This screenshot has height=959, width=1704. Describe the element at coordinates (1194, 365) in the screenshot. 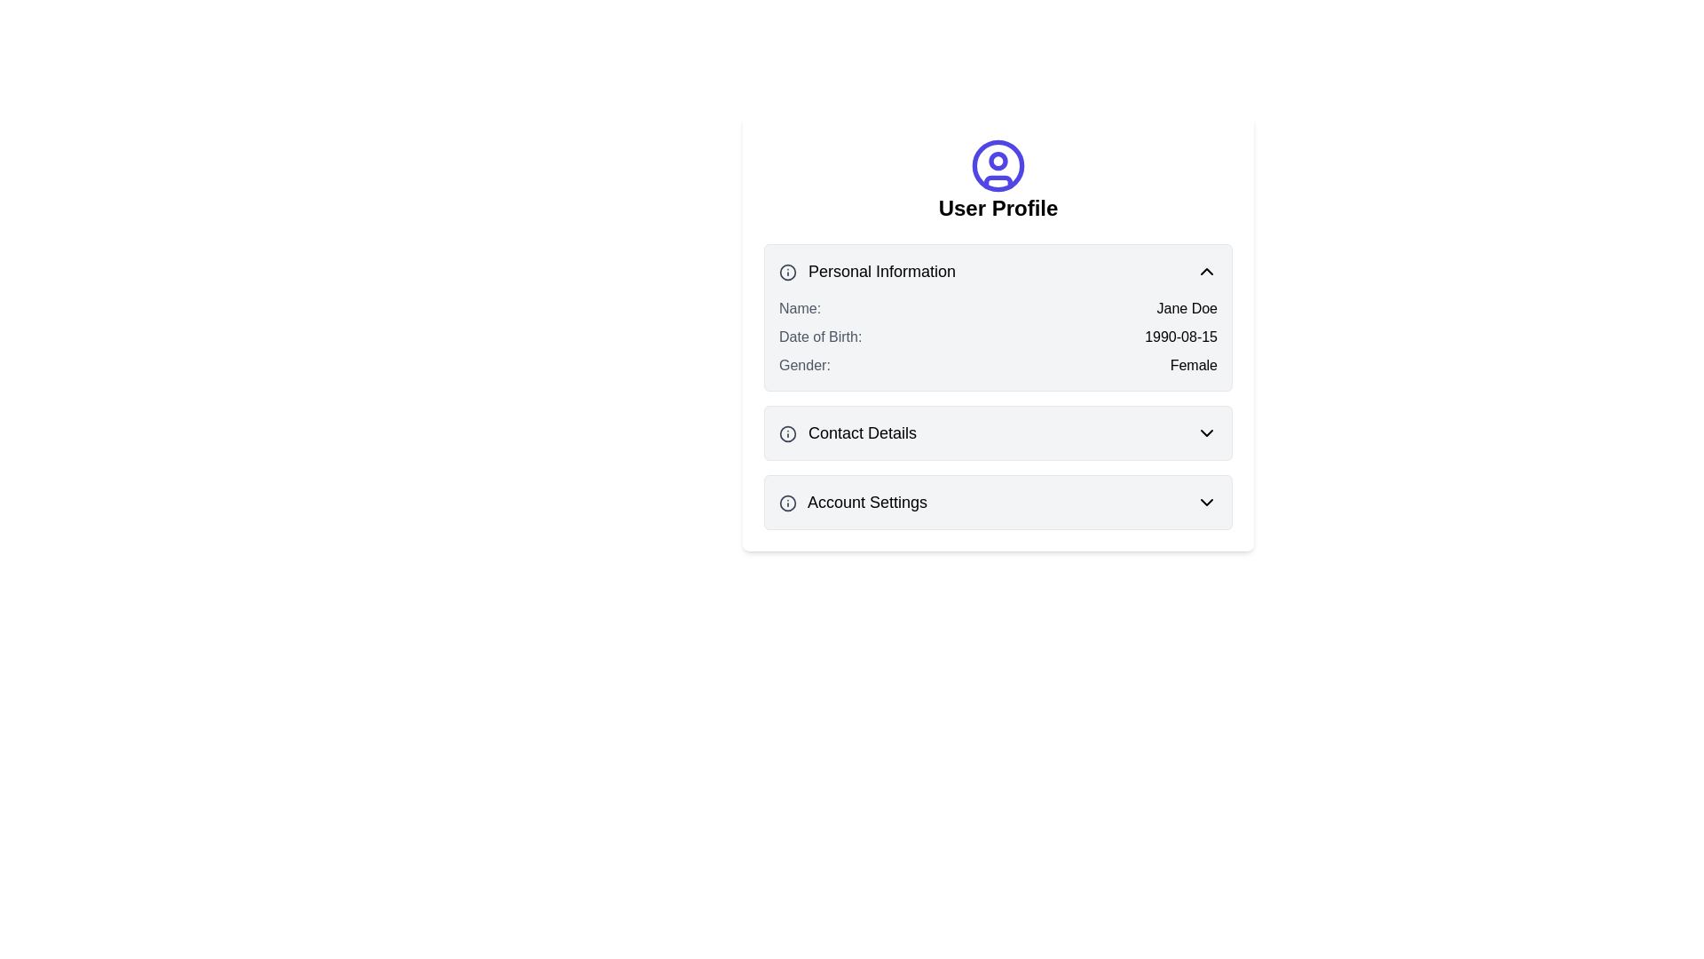

I see `the text label displaying 'Female' in black font within the 'Personal Information' panel of the 'User Profile' section, located to the right of the 'Gender:' label` at that location.